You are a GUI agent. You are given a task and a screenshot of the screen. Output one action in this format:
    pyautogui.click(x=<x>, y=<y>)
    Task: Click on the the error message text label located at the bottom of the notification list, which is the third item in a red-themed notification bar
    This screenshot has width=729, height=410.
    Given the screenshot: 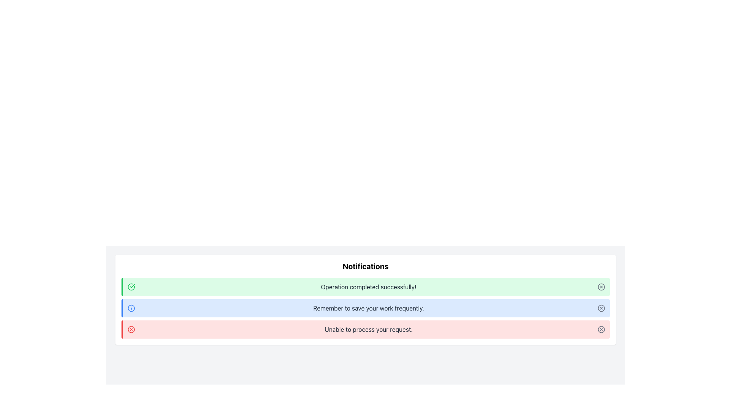 What is the action you would take?
    pyautogui.click(x=368, y=329)
    